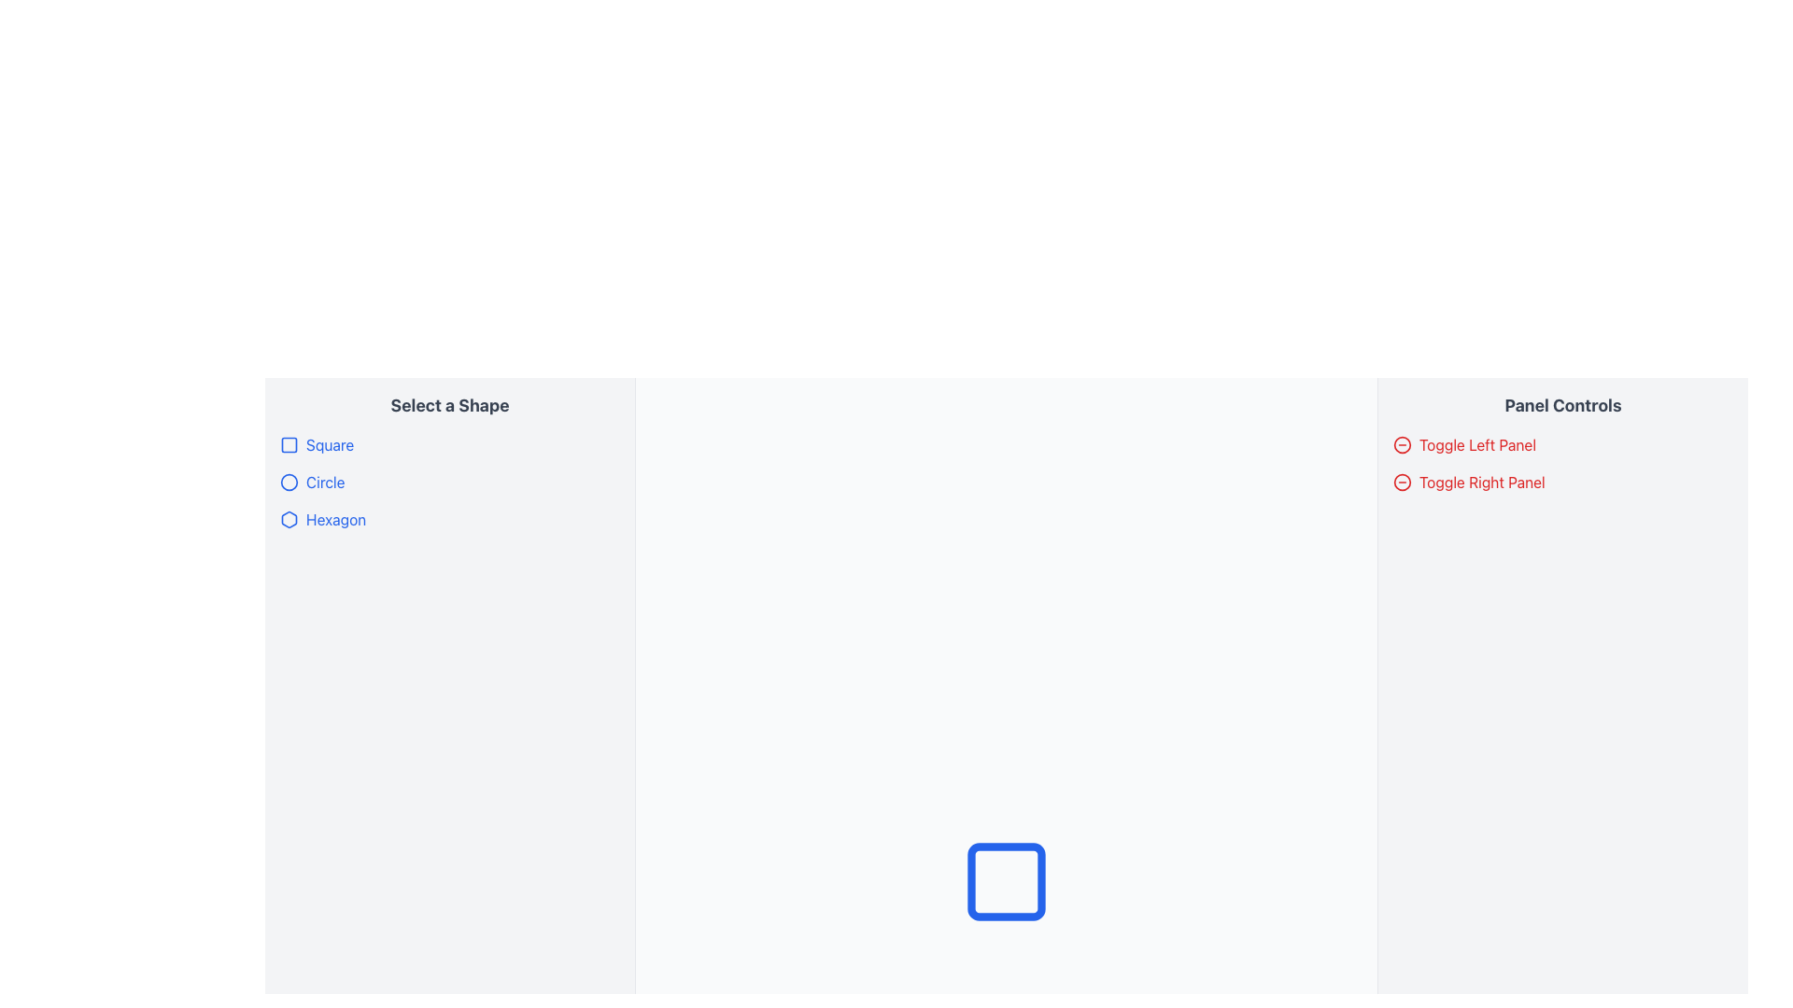 This screenshot has height=1008, width=1793. I want to click on the Text Label that introduces the list of shape options, located at the top of the left-side panel, so click(449, 405).